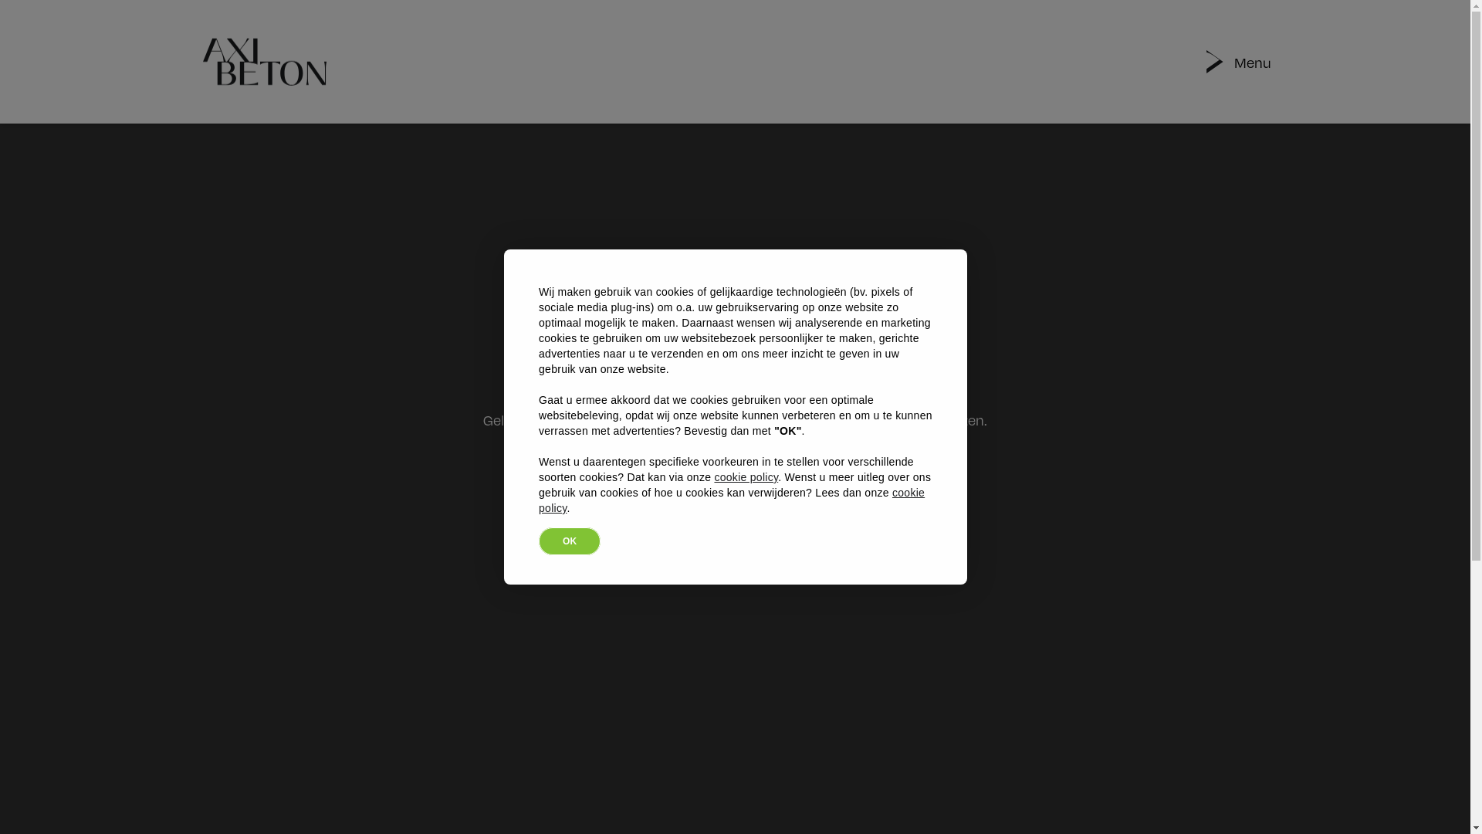 The width and height of the screenshot is (1482, 834). What do you see at coordinates (730, 500) in the screenshot?
I see `'cookie policy'` at bounding box center [730, 500].